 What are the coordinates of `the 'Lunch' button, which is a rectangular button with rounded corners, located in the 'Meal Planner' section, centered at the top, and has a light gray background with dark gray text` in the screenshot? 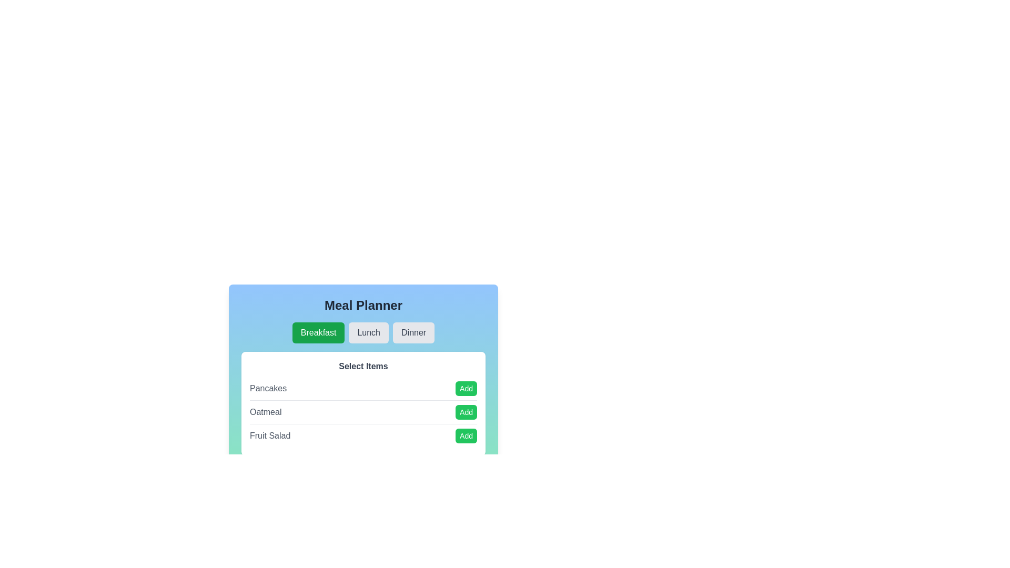 It's located at (369, 332).